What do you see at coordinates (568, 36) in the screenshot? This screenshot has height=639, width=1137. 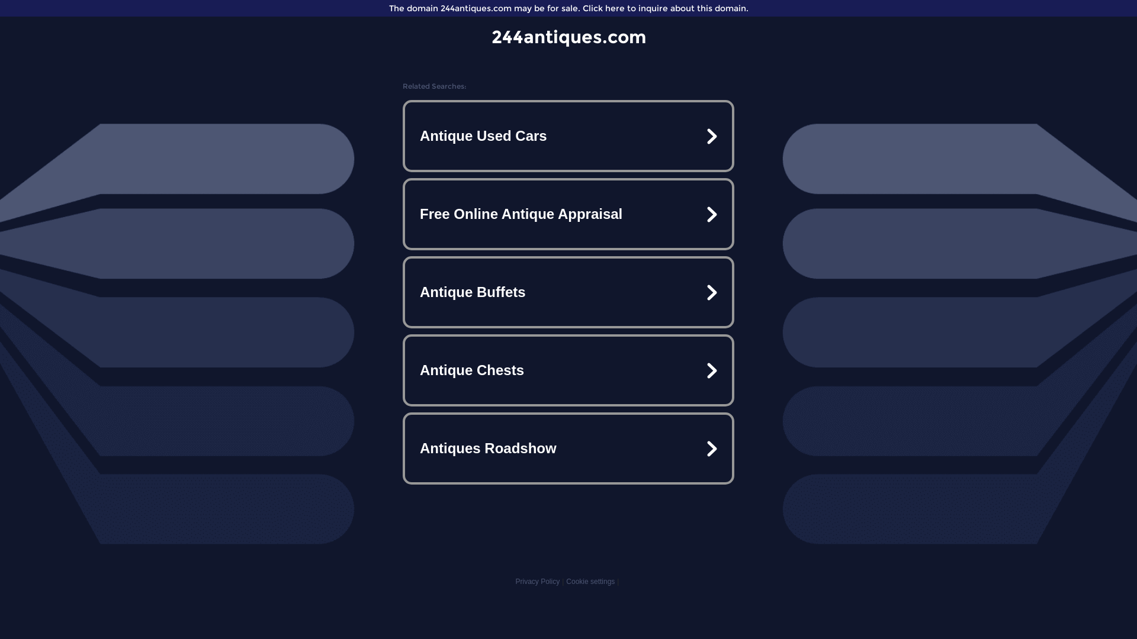 I see `'244antiques.com'` at bounding box center [568, 36].